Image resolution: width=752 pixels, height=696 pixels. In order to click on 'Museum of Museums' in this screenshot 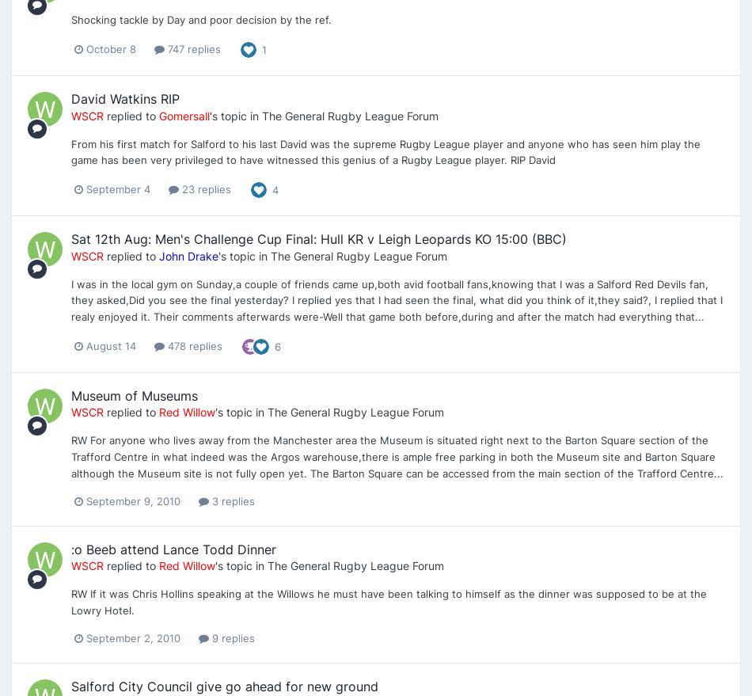, I will do `click(134, 394)`.